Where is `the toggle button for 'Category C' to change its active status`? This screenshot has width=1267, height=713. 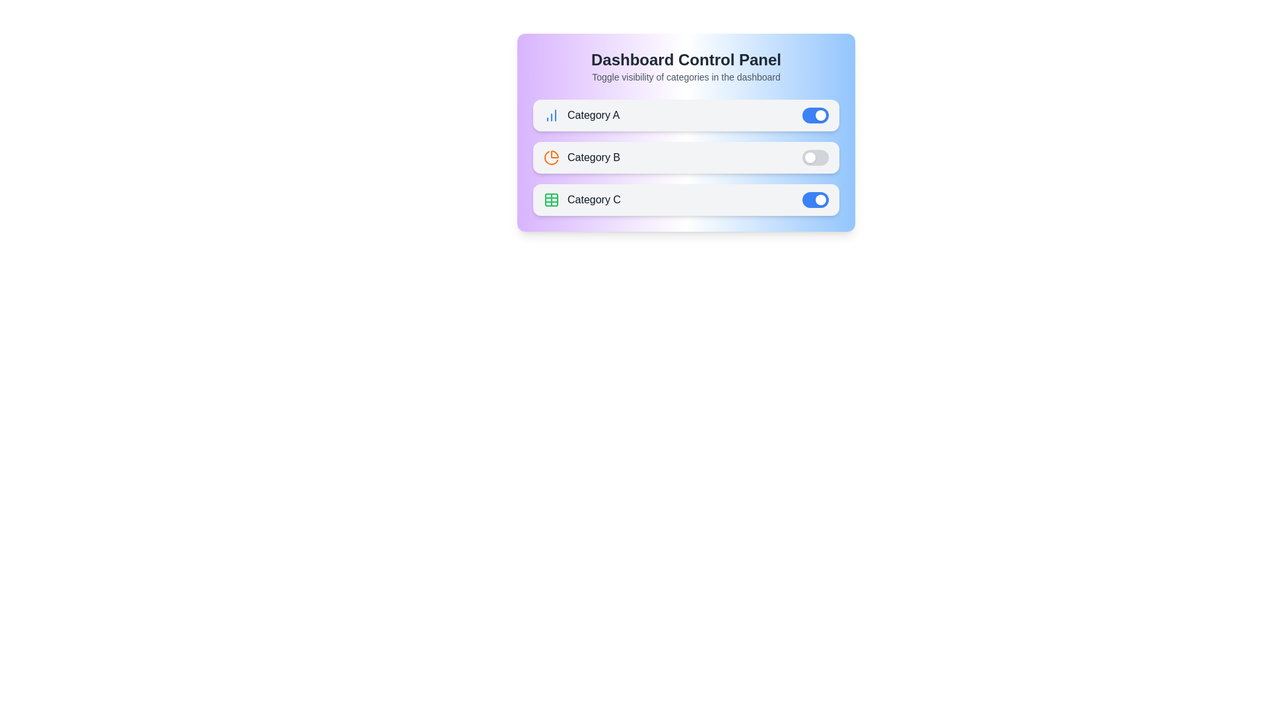 the toggle button for 'Category C' to change its active status is located at coordinates (815, 200).